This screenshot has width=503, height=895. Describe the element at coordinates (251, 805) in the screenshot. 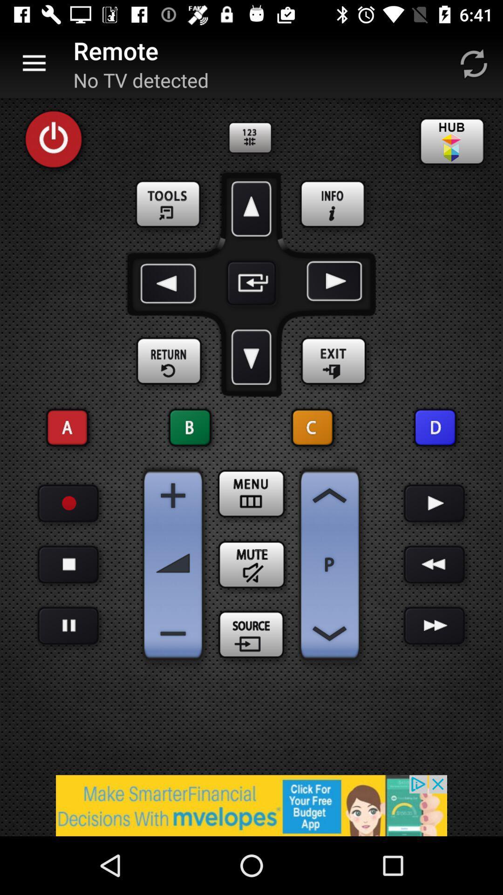

I see `advertiment` at that location.